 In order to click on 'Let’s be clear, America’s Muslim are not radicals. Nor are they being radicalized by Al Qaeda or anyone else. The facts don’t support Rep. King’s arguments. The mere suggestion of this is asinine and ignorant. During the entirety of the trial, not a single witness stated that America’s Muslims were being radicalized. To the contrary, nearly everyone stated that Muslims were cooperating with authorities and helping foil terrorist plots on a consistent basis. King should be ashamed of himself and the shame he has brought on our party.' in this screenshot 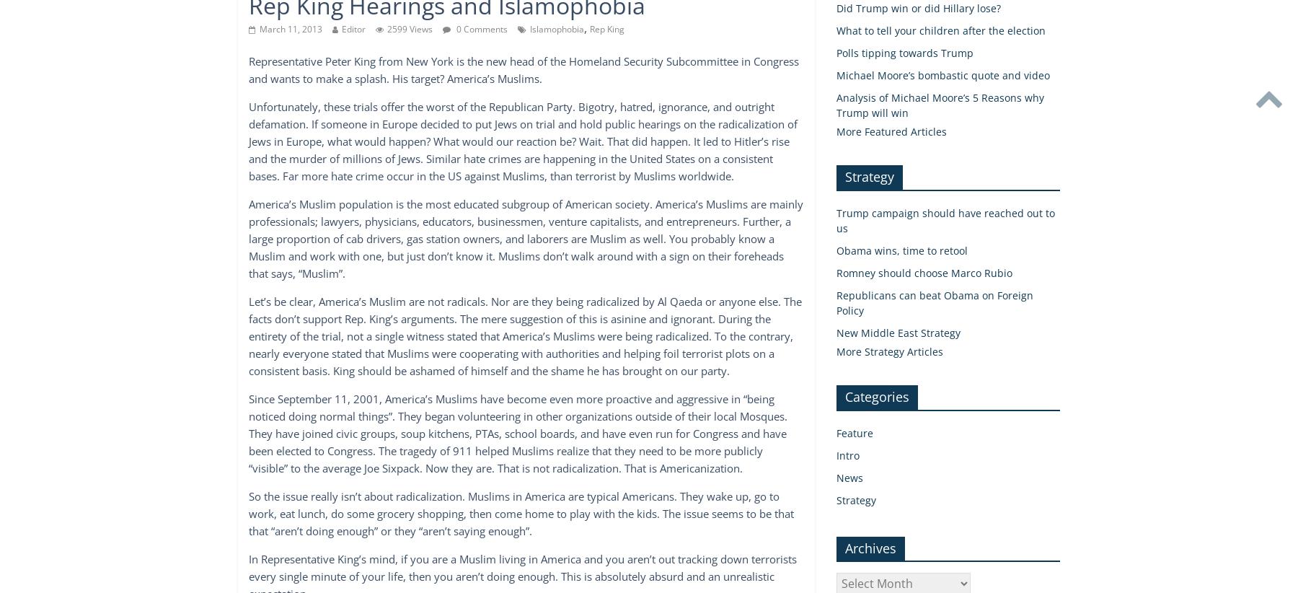, I will do `click(524, 335)`.